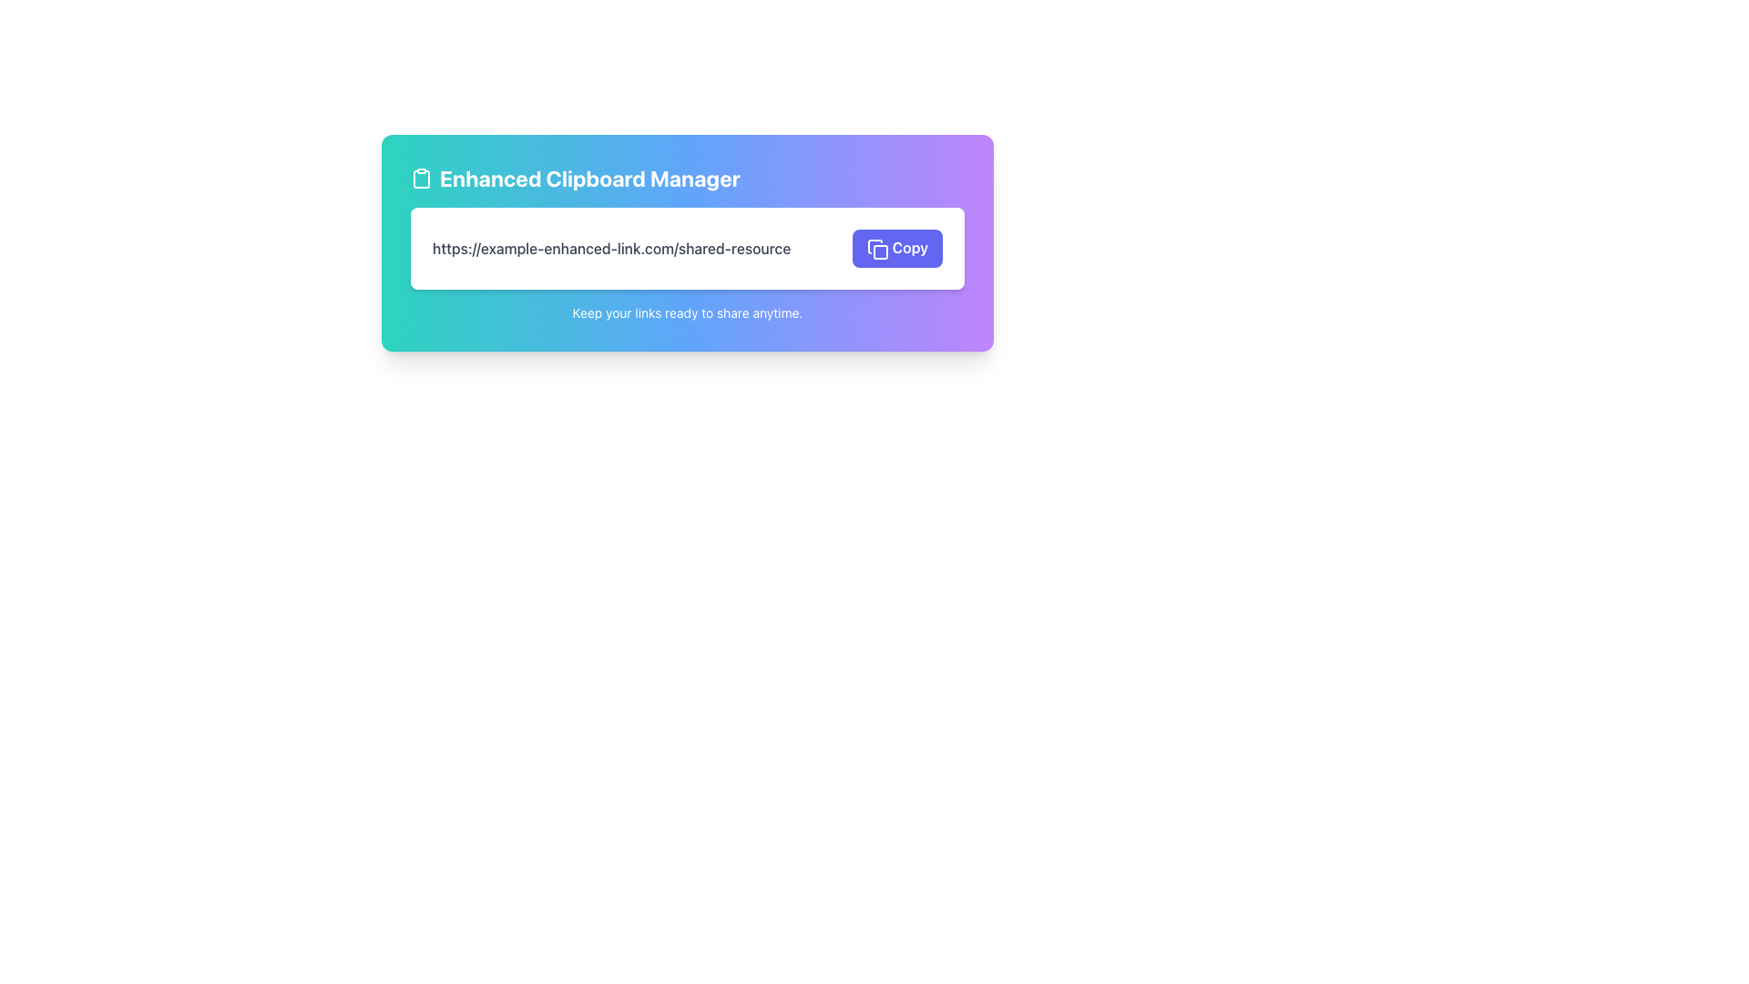  Describe the element at coordinates (611, 248) in the screenshot. I see `the textual link displaying the URL 'https://example-enhanced-link.com/shared-resource', styled with a gray font color, located on the left-hand side adjacent to the 'Copy' button` at that location.